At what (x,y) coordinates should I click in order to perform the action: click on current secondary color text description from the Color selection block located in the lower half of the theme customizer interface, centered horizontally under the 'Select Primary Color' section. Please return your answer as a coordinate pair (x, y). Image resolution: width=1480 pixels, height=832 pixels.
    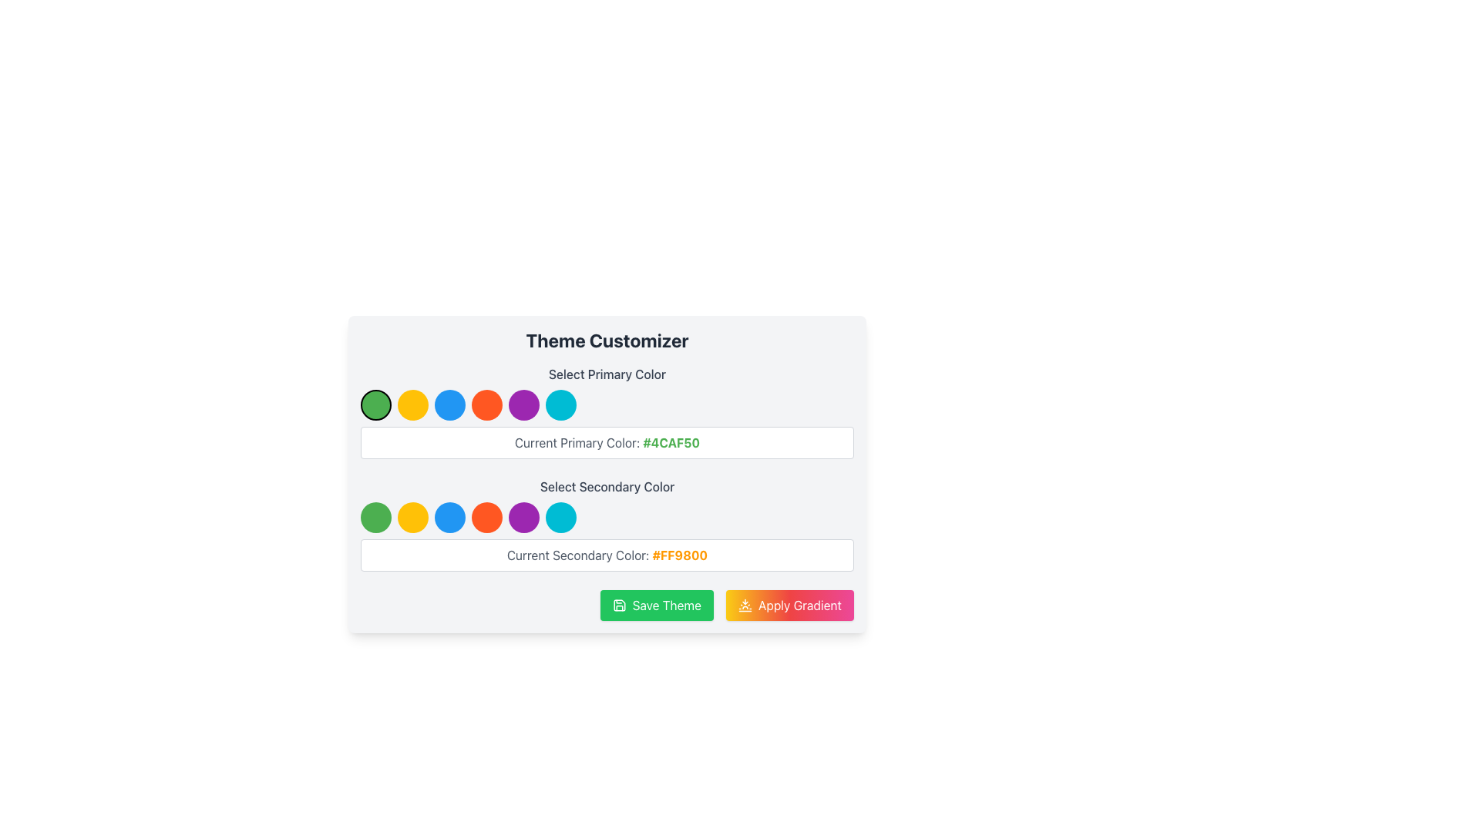
    Looking at the image, I should click on (606, 493).